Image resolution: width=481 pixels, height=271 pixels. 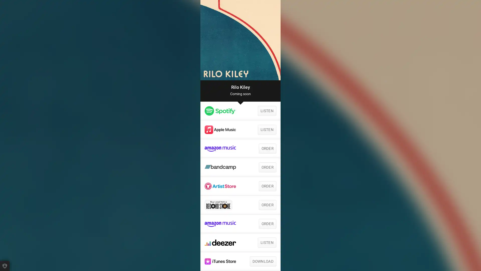 I want to click on ORDER, so click(x=267, y=148).